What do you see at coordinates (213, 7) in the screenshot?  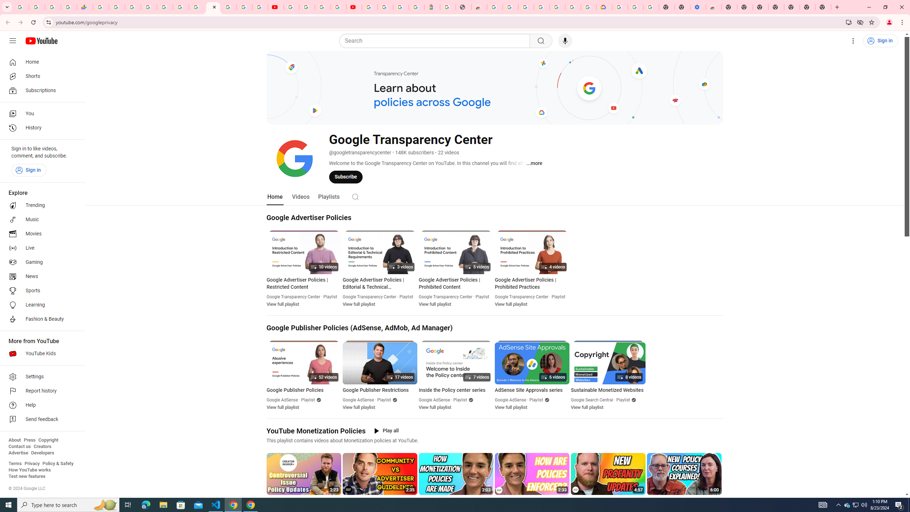 I see `'Google Transparency Center - YouTube'` at bounding box center [213, 7].